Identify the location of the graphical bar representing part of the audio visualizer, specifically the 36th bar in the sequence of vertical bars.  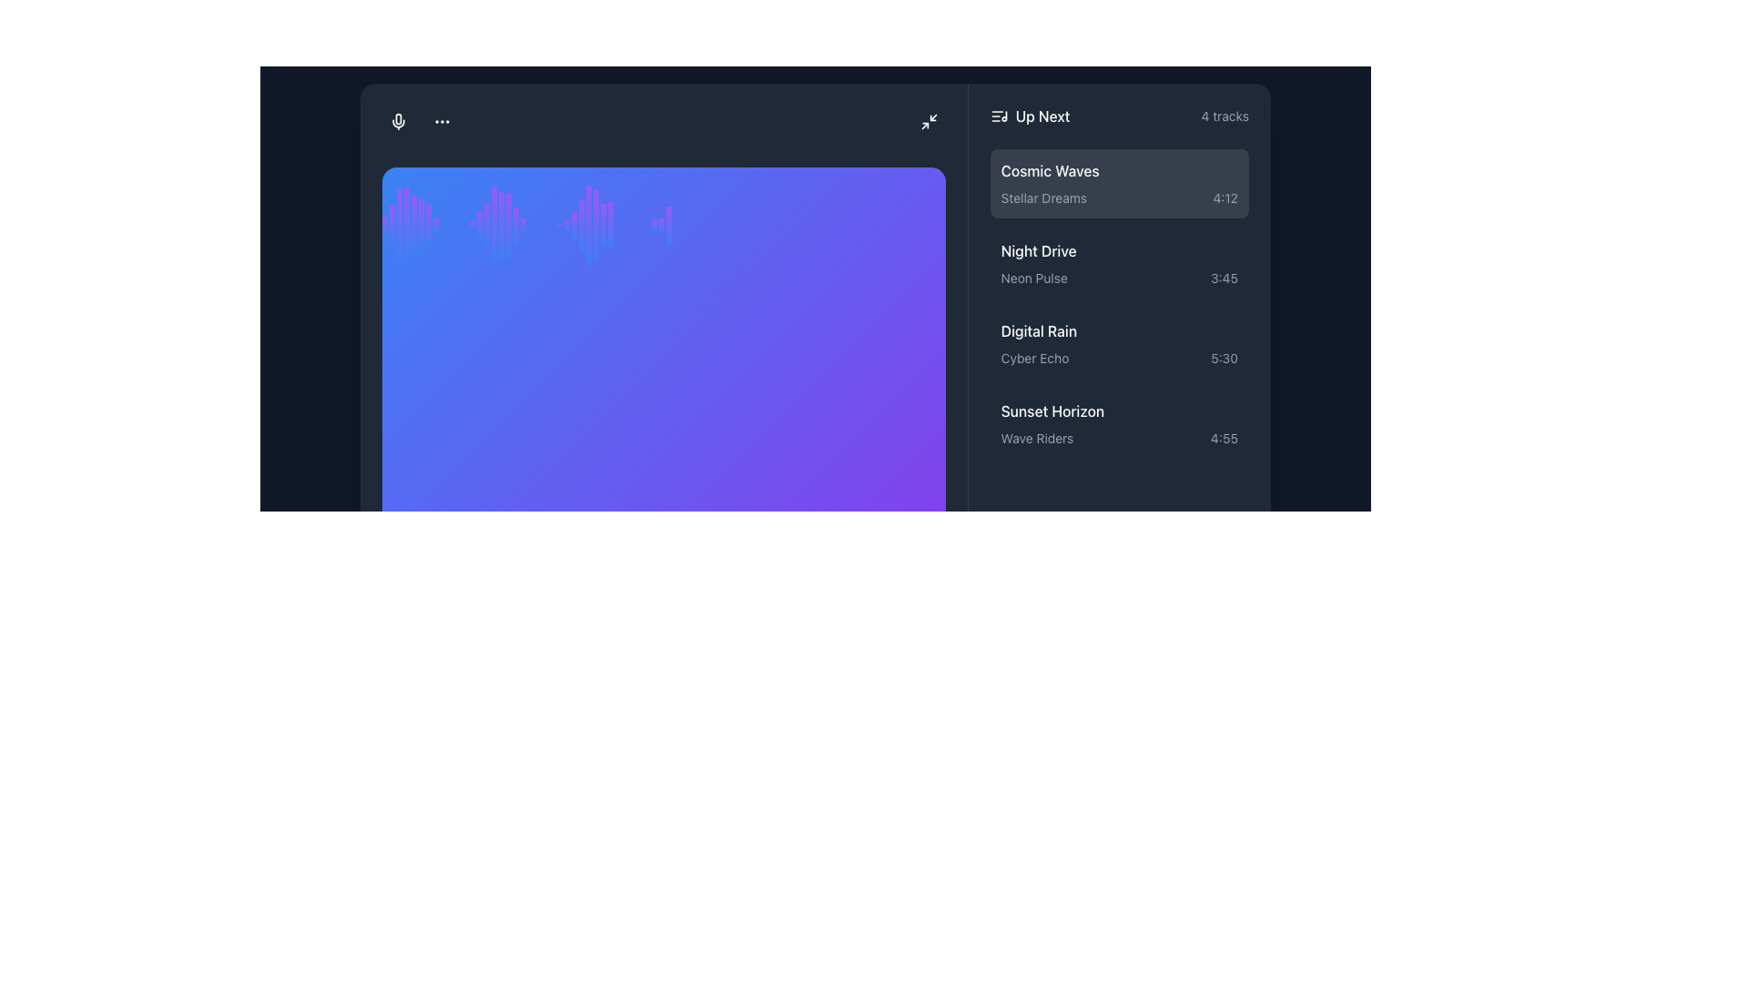
(667, 223).